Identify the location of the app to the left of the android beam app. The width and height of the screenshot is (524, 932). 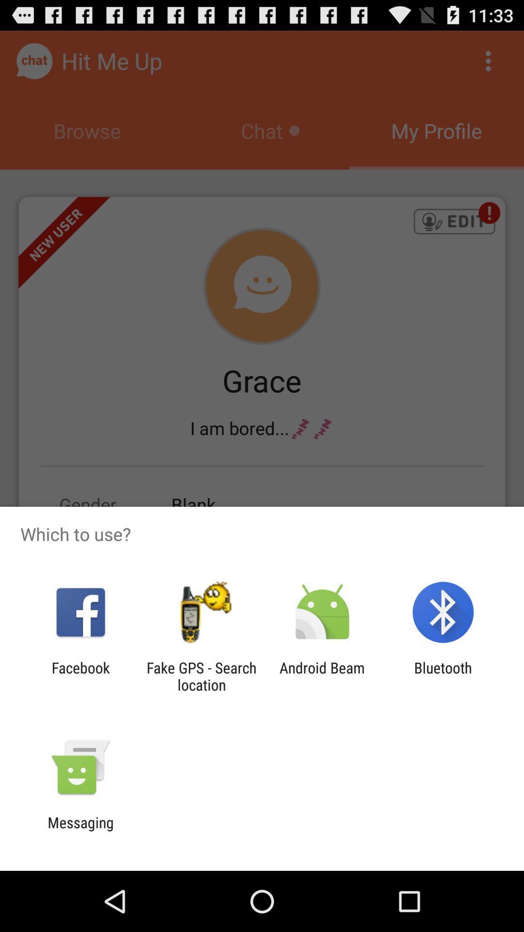
(201, 676).